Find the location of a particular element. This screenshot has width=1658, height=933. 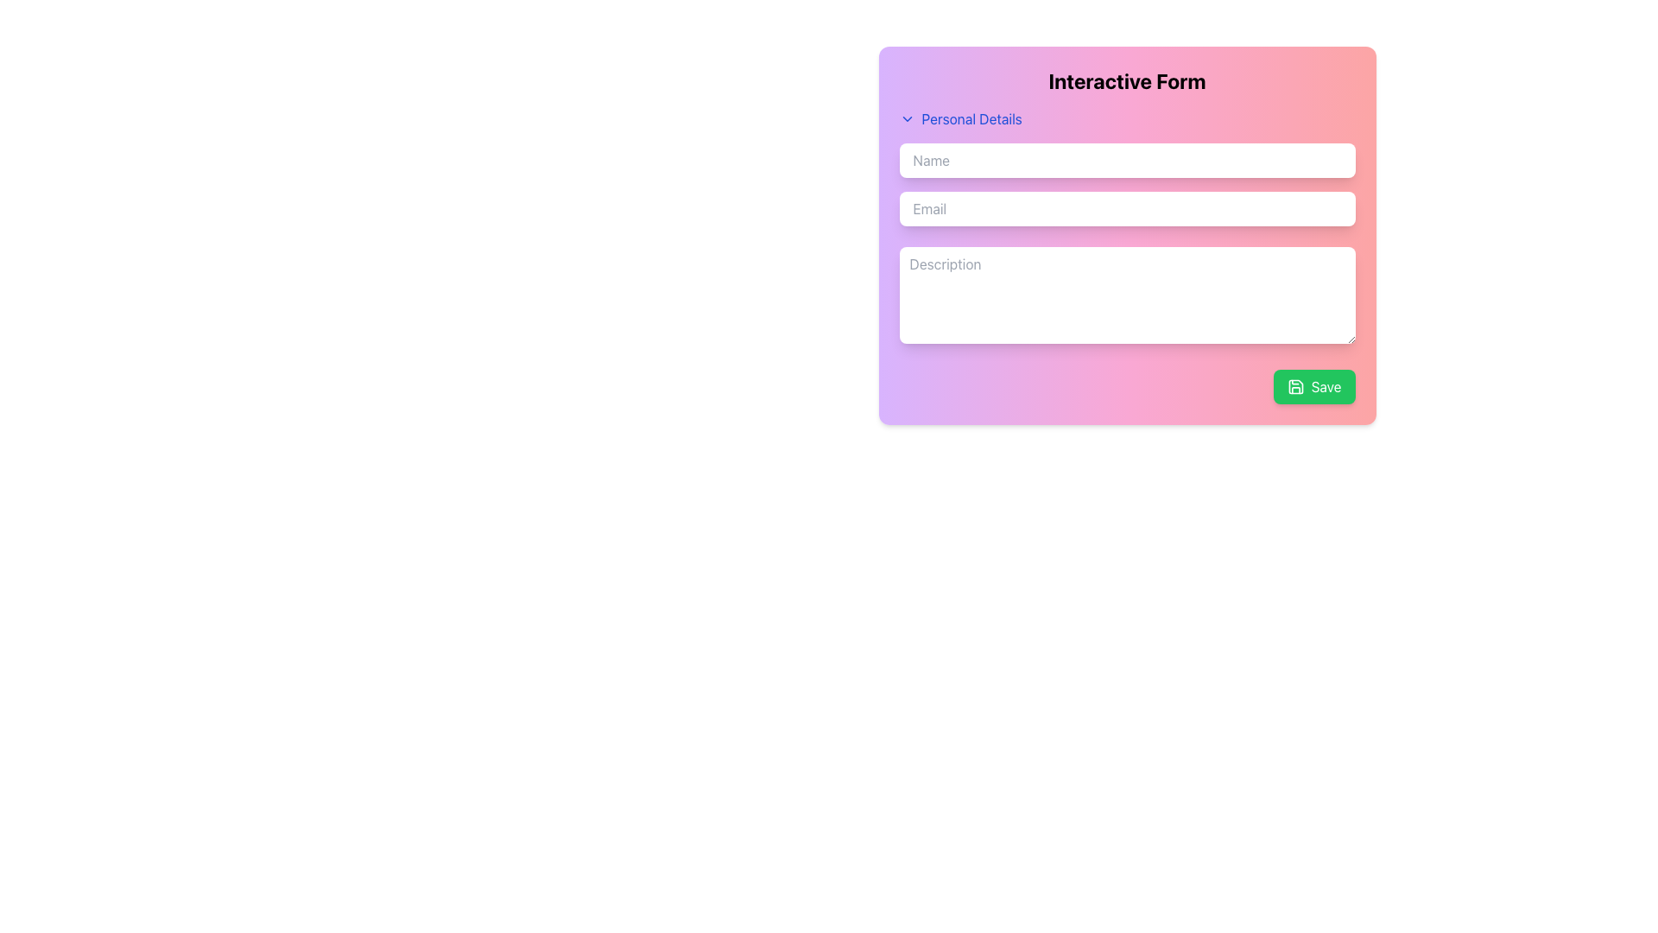

the 'Personal Details' button, which is a blue button located near the top of the form section is located at coordinates (959, 118).